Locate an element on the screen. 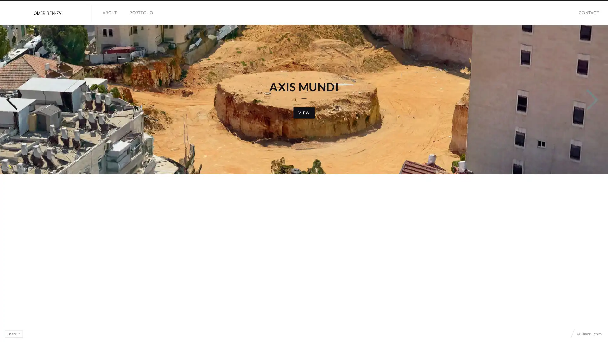  NEXT is located at coordinates (587, 175).